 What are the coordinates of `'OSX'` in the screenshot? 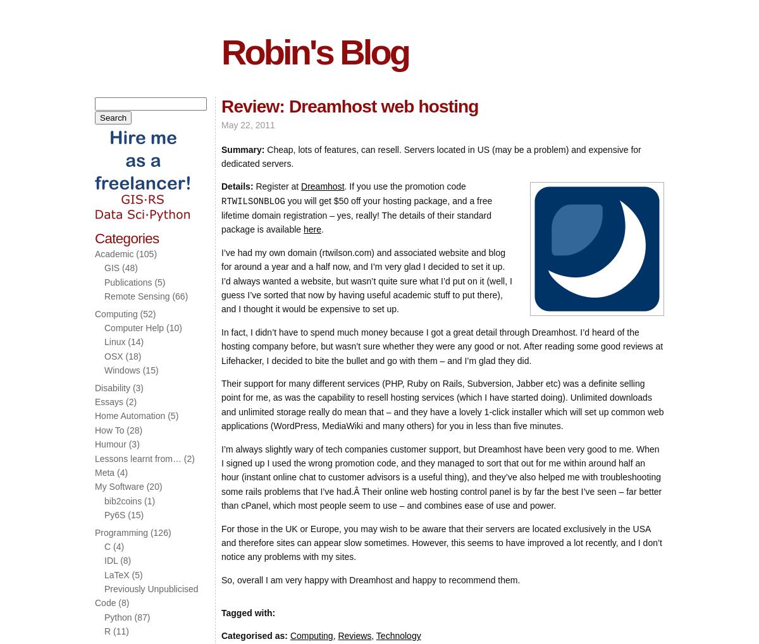 It's located at (113, 355).